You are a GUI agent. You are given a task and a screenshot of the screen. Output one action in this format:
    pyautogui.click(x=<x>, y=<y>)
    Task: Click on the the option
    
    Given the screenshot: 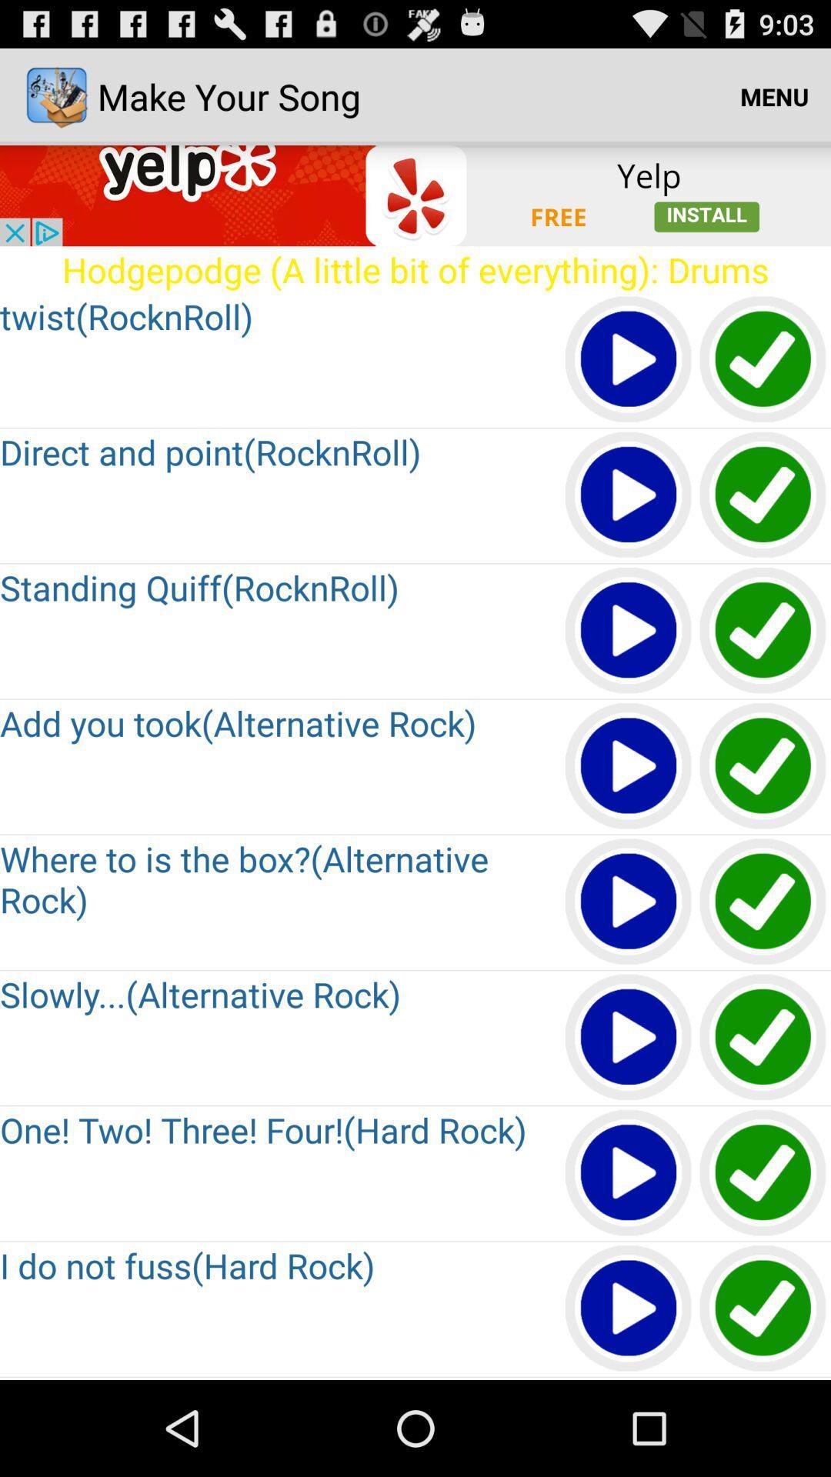 What is the action you would take?
    pyautogui.click(x=629, y=1038)
    